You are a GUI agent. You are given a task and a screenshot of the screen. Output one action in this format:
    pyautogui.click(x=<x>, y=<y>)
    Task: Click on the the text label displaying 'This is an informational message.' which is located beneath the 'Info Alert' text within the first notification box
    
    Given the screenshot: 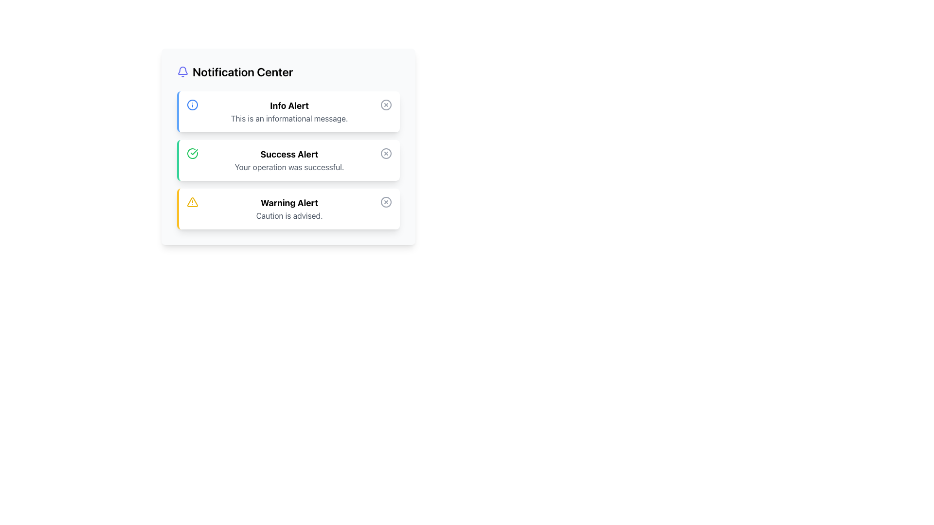 What is the action you would take?
    pyautogui.click(x=289, y=118)
    